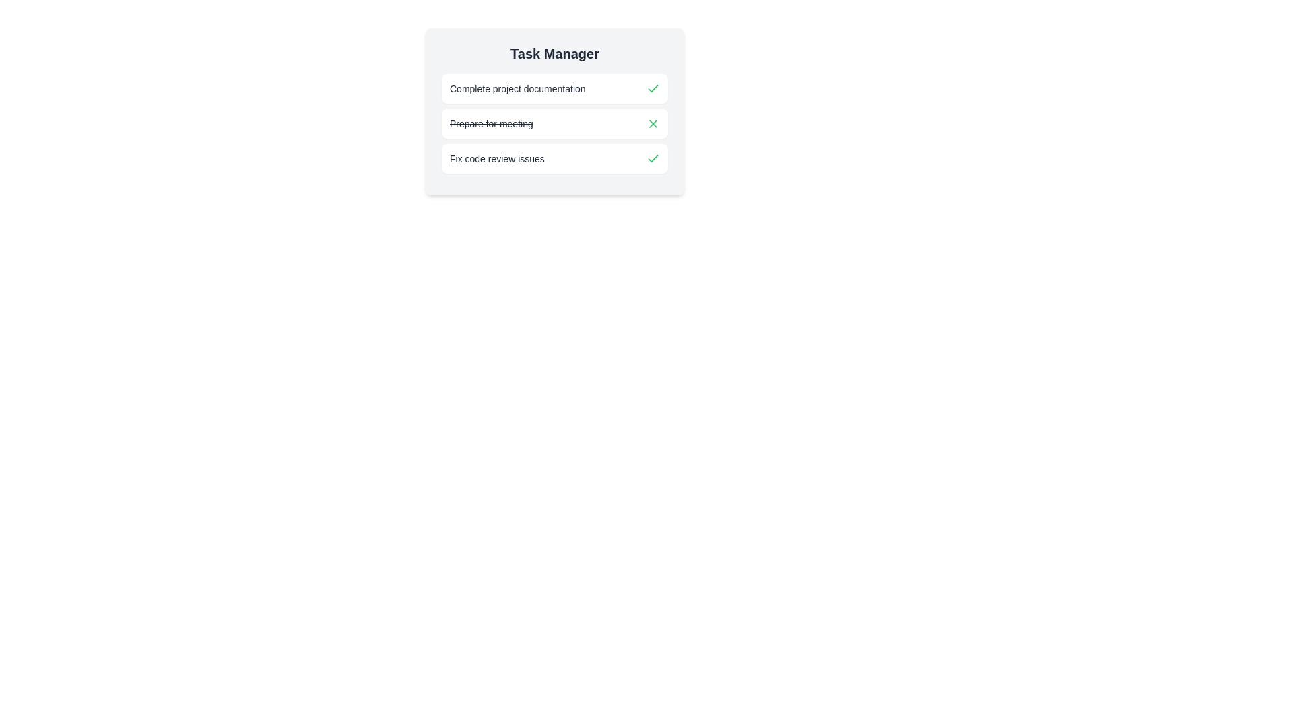 The width and height of the screenshot is (1293, 727). Describe the element at coordinates (555, 88) in the screenshot. I see `the completed task card in the task management interface, which displays a green checkmark icon and is the first item under the 'Task Manager' header` at that location.